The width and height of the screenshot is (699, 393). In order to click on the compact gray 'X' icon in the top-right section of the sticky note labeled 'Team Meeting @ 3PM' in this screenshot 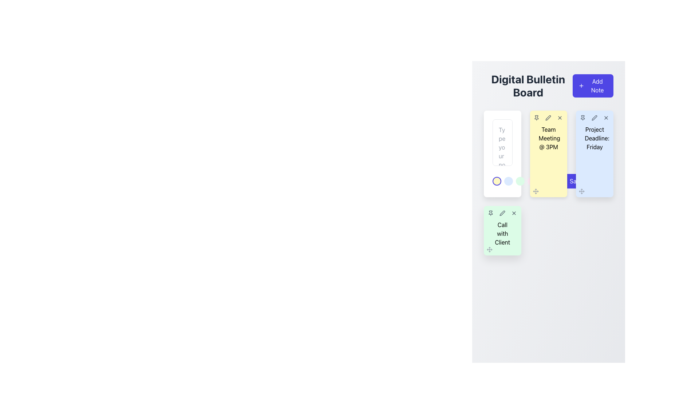, I will do `click(560, 118)`.